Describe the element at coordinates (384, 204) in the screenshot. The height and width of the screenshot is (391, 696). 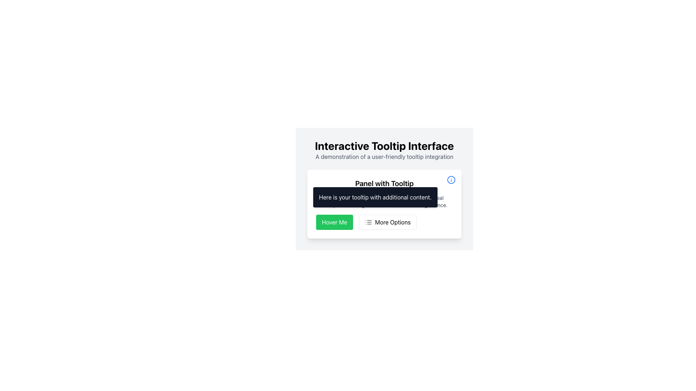
I see `the tooltip box containing the text 'Here is your tooltip with additional content.' which is styled with a dark background and white text, positioned centrally below the 'Panel with Tooltip' heading` at that location.